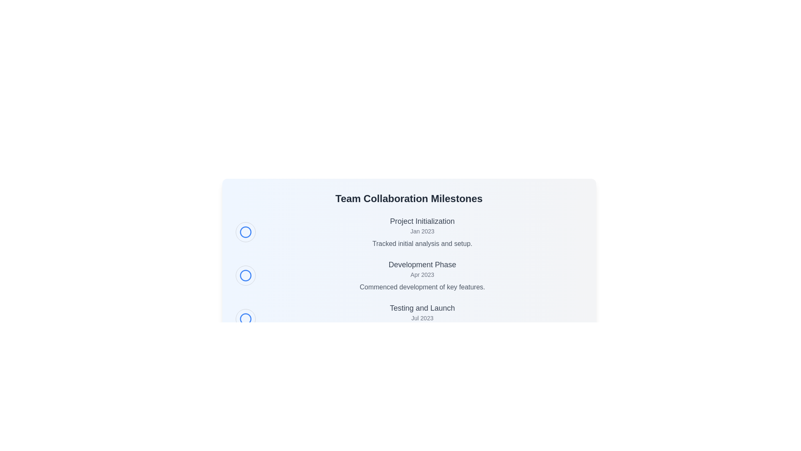 The height and width of the screenshot is (451, 801). I want to click on details in the 'Team Collaboration Milestones' section, which includes subsections for 'Project Initialization', 'Development Phase', and 'Testing and Launch', so click(409, 277).